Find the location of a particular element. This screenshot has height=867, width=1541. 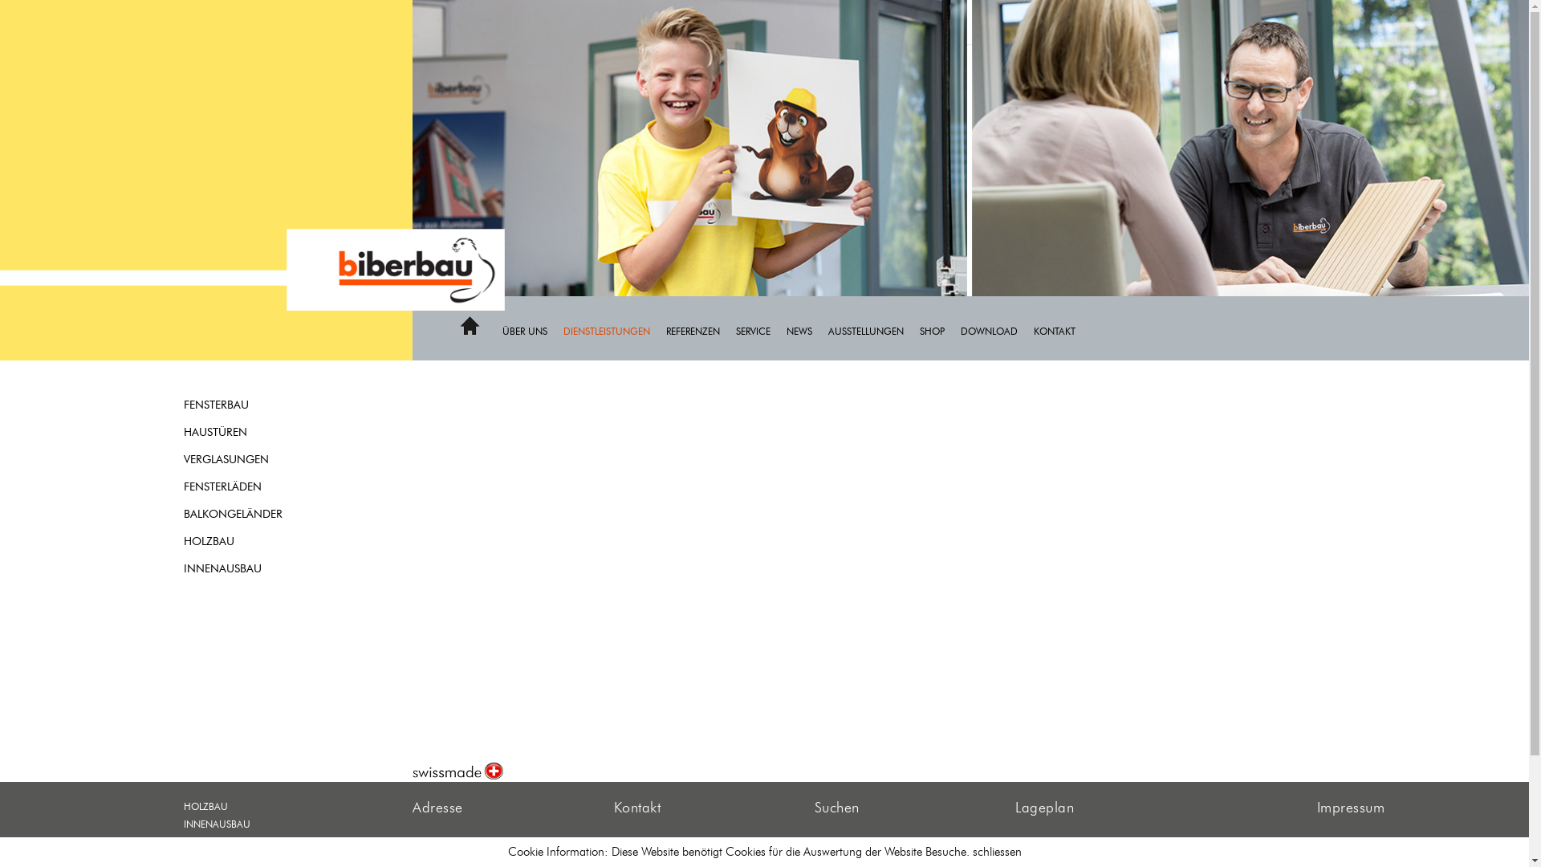

'INNENAUSBAU' is located at coordinates (254, 568).